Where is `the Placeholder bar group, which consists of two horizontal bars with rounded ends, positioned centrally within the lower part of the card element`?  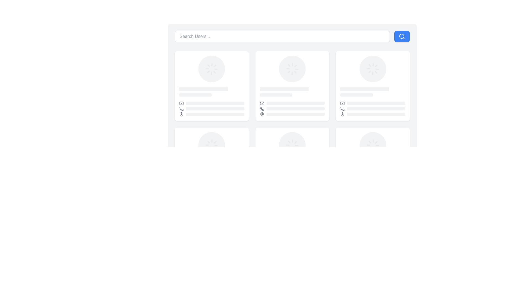 the Placeholder bar group, which consists of two horizontal bars with rounded ends, positioned centrally within the lower part of the card element is located at coordinates (373, 91).